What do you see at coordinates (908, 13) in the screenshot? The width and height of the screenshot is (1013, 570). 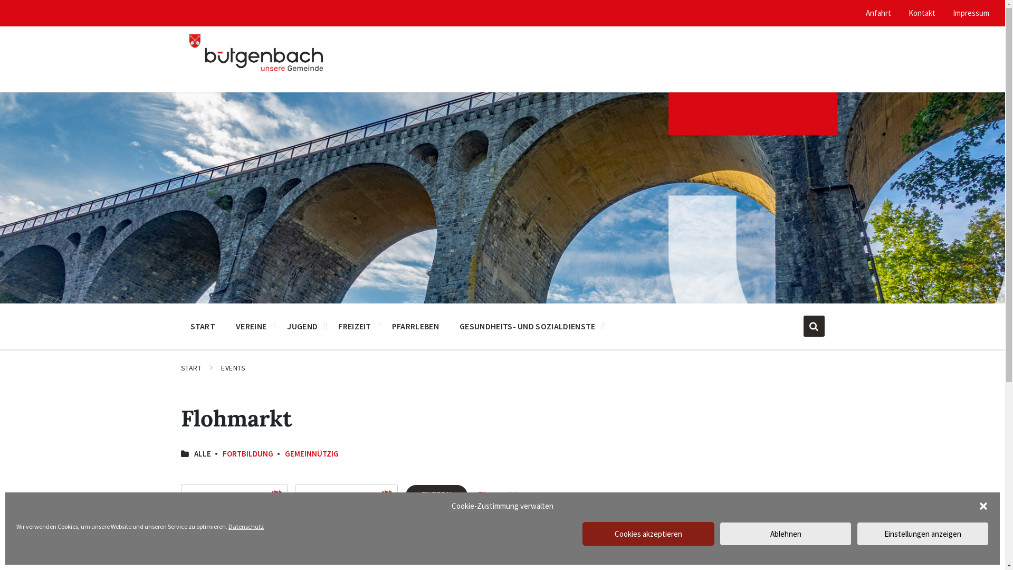 I see `'Kontakt'` at bounding box center [908, 13].